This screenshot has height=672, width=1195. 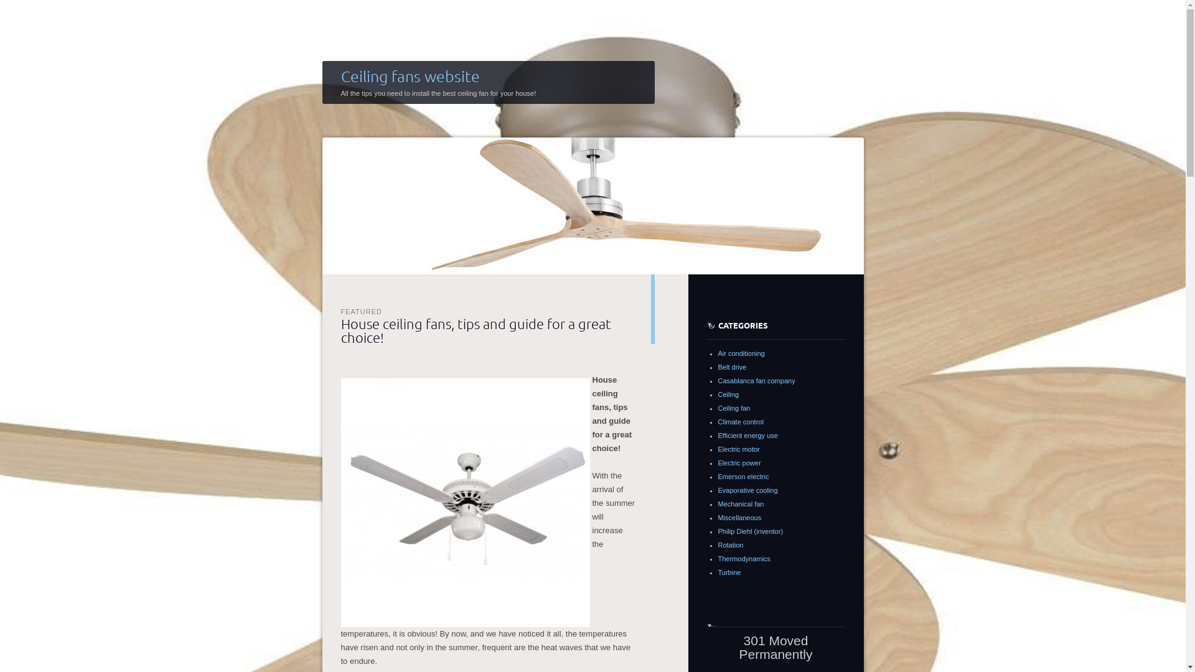 I want to click on 'Electric power', so click(x=739, y=463).